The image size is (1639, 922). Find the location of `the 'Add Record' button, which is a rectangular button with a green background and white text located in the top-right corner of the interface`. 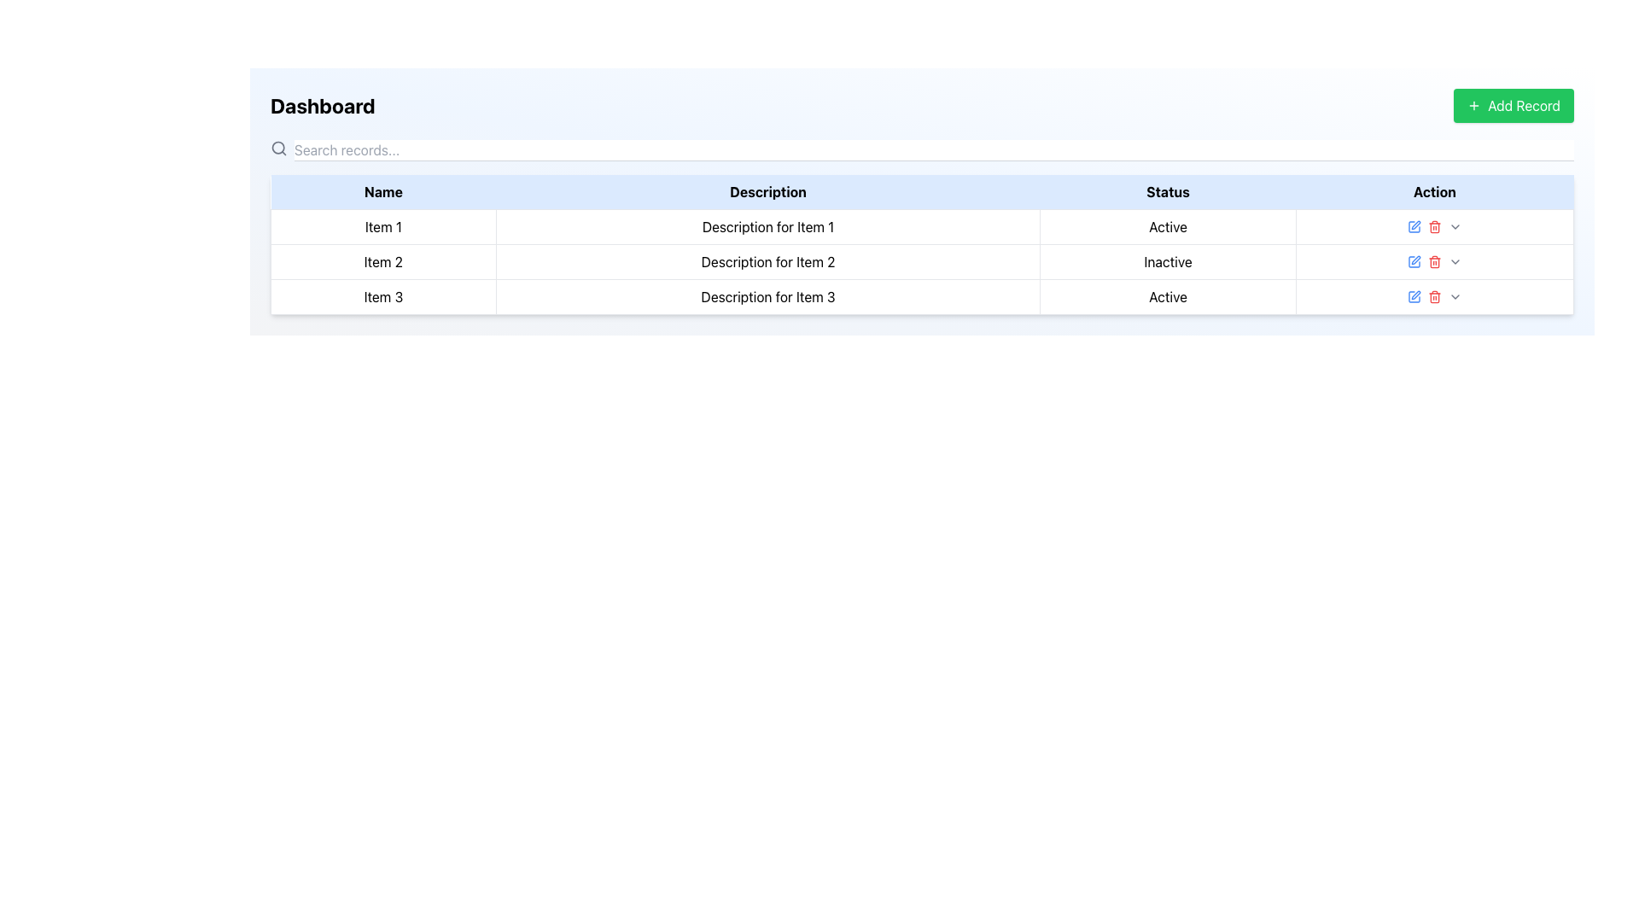

the 'Add Record' button, which is a rectangular button with a green background and white text located in the top-right corner of the interface is located at coordinates (1514, 105).